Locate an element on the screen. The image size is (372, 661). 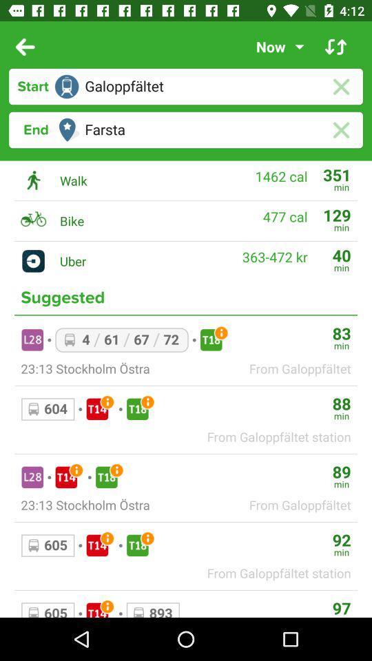
the close icon is located at coordinates (340, 130).